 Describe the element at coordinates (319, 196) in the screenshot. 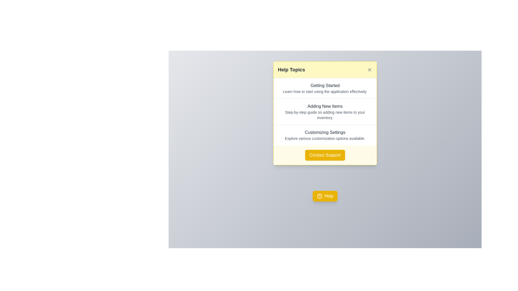

I see `the yellow circular button labeled 'Help' that contains the white circle, located at the bottom center of the interface` at that location.